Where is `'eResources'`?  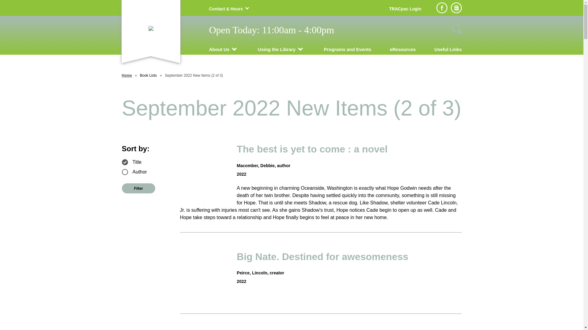 'eResources' is located at coordinates (403, 49).